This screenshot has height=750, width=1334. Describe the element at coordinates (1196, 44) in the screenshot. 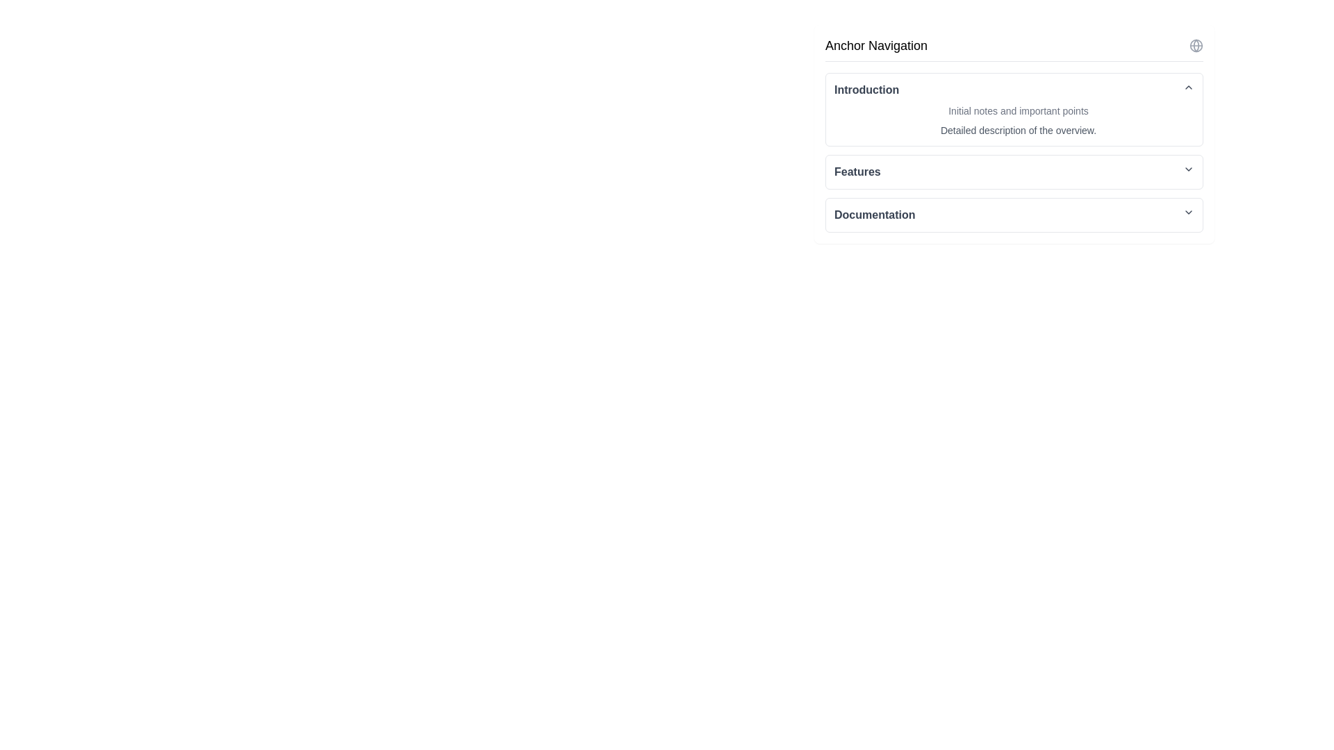

I see `the decorative SVG circle located in the top-right corner of the UI section, which is part of a globe icon` at that location.